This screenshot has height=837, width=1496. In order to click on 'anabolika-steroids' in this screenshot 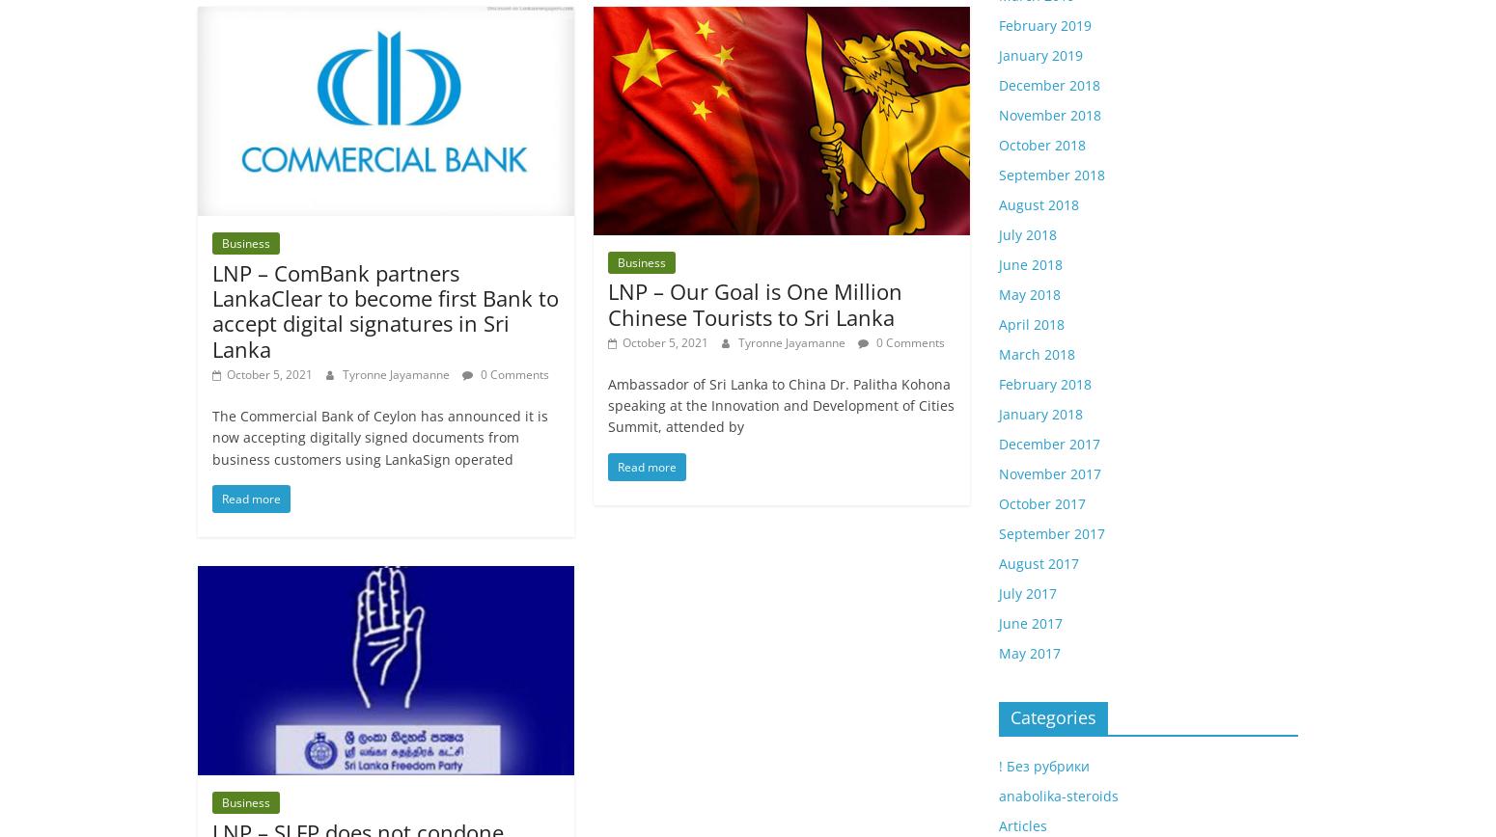, I will do `click(998, 795)`.